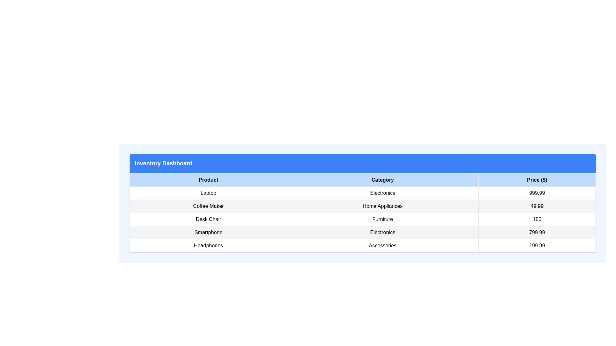 This screenshot has height=346, width=616. What do you see at coordinates (537, 232) in the screenshot?
I see `the static text displaying '799.99' in black font, located in the third column of the 'Smartphone' row under the 'Price ($)' column` at bounding box center [537, 232].